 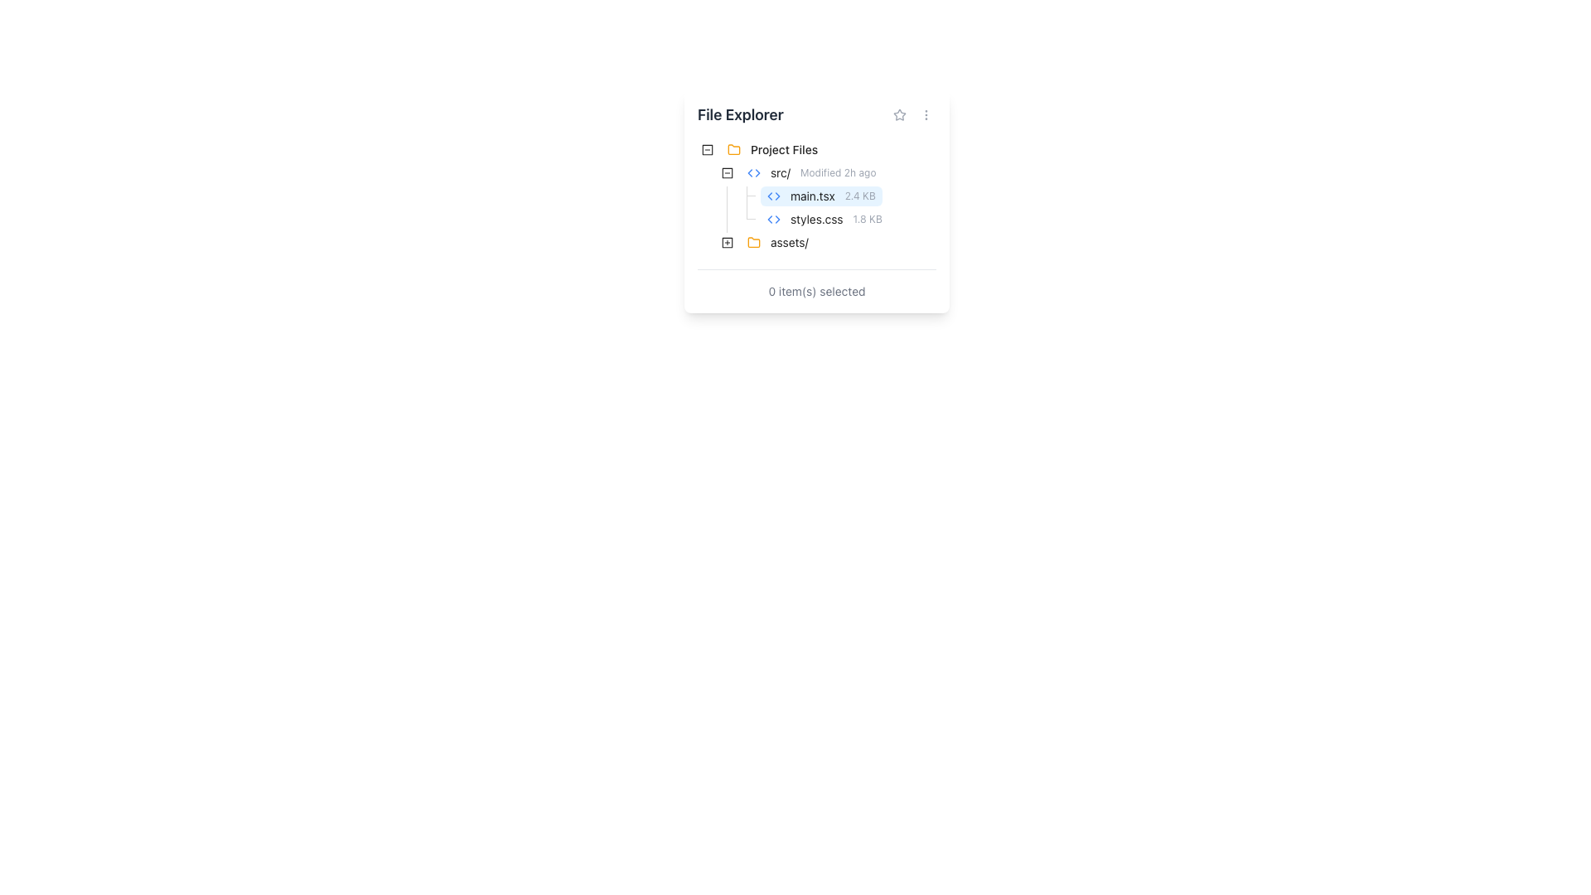 I want to click on the star icon, so click(x=912, y=114).